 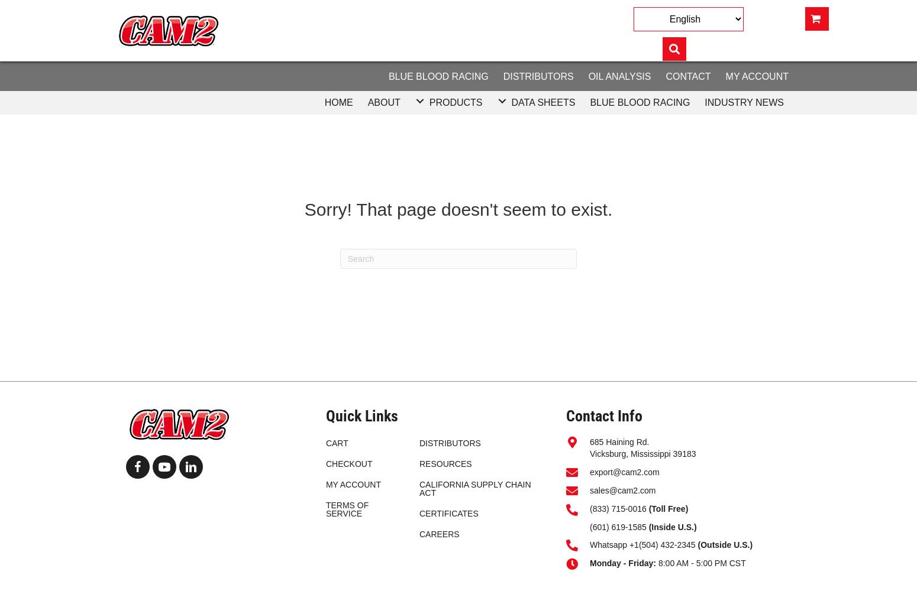 What do you see at coordinates (325, 509) in the screenshot?
I see `'Terms of Service'` at bounding box center [325, 509].